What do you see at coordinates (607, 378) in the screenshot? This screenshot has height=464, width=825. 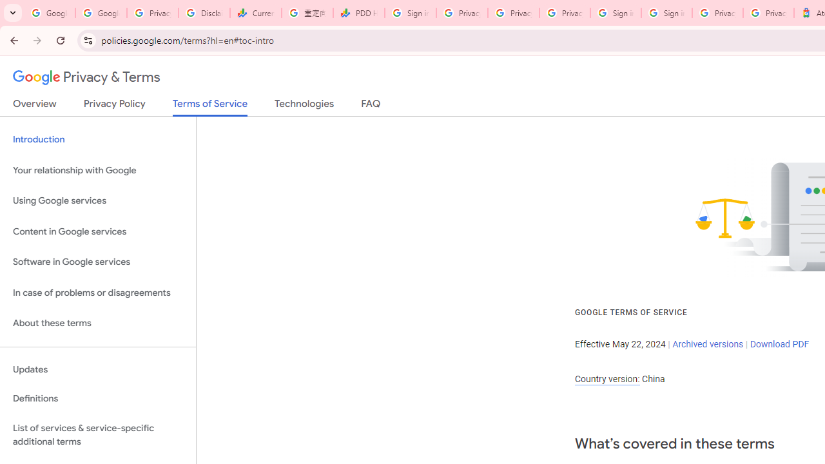 I see `'Country version:'` at bounding box center [607, 378].